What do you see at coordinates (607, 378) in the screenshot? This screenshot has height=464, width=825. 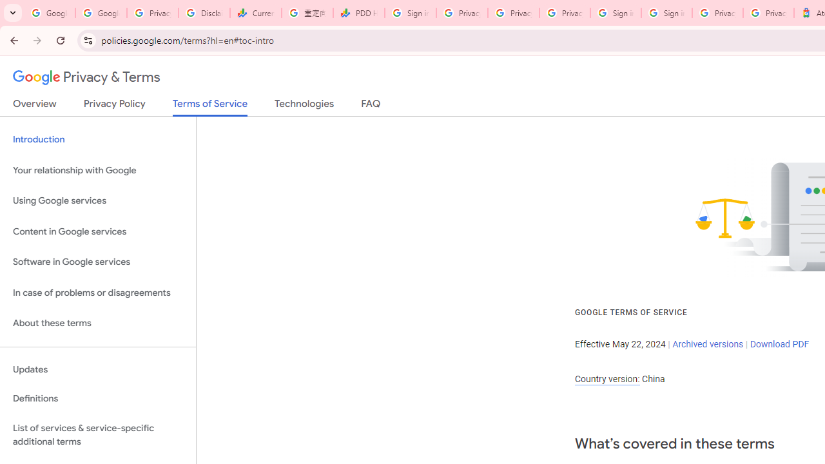 I see `'Country version:'` at bounding box center [607, 378].